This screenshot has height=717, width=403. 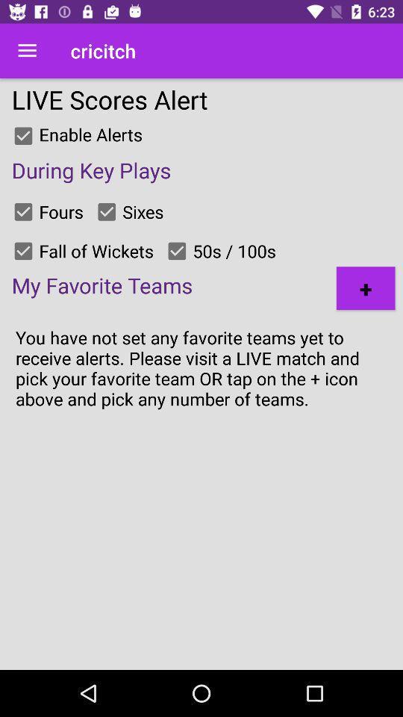 What do you see at coordinates (365, 288) in the screenshot?
I see `the + item` at bounding box center [365, 288].